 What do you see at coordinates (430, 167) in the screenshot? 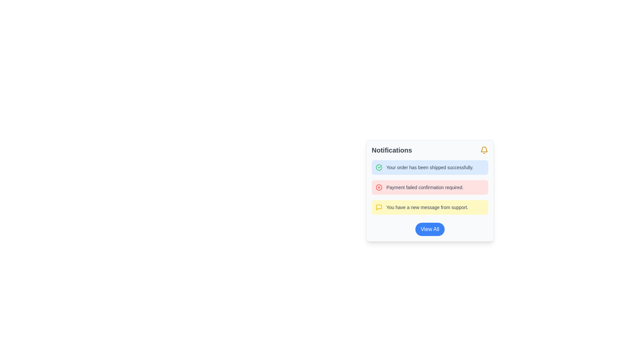
I see `the notification text label indicating that the user's order has been shipped successfully, which is located in a highlighted notification card at the top of the notification list` at bounding box center [430, 167].